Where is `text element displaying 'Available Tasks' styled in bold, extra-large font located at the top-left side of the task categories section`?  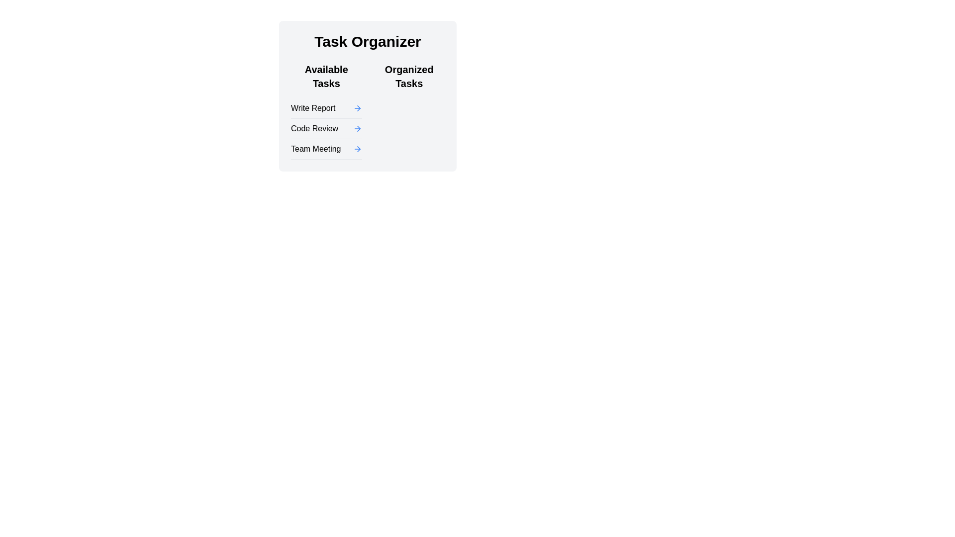
text element displaying 'Available Tasks' styled in bold, extra-large font located at the top-left side of the task categories section is located at coordinates (326, 76).